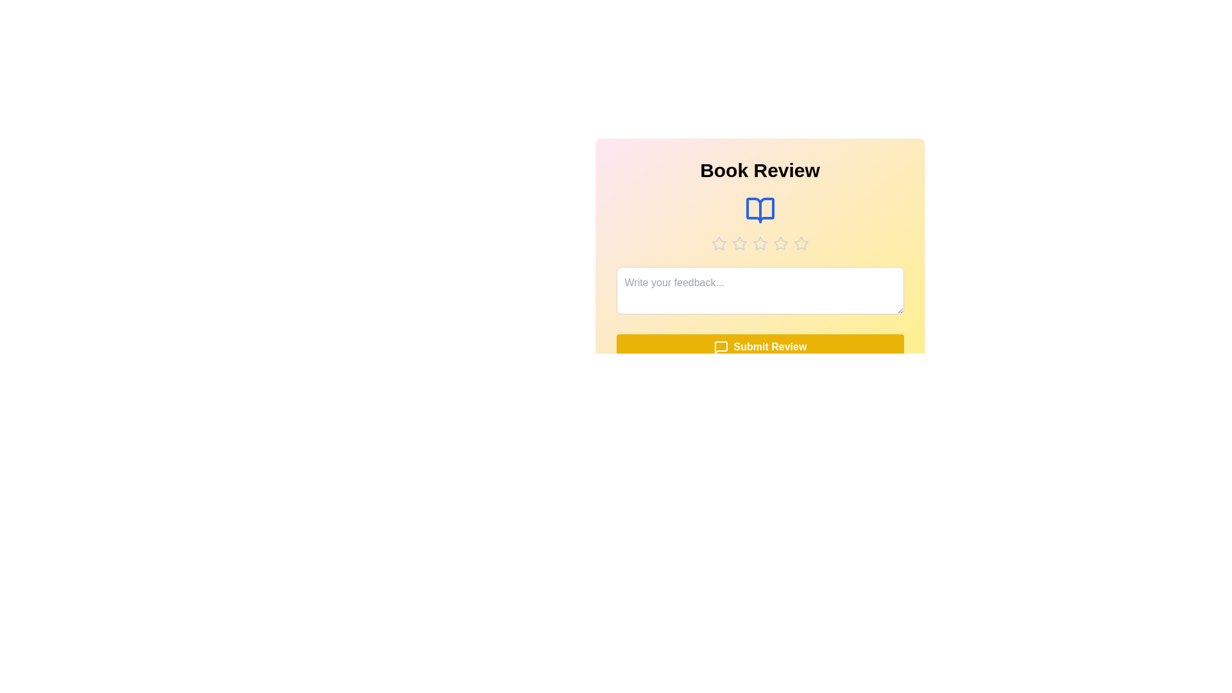 This screenshot has width=1232, height=693. Describe the element at coordinates (800, 244) in the screenshot. I see `the star corresponding to the desired rating 5` at that location.